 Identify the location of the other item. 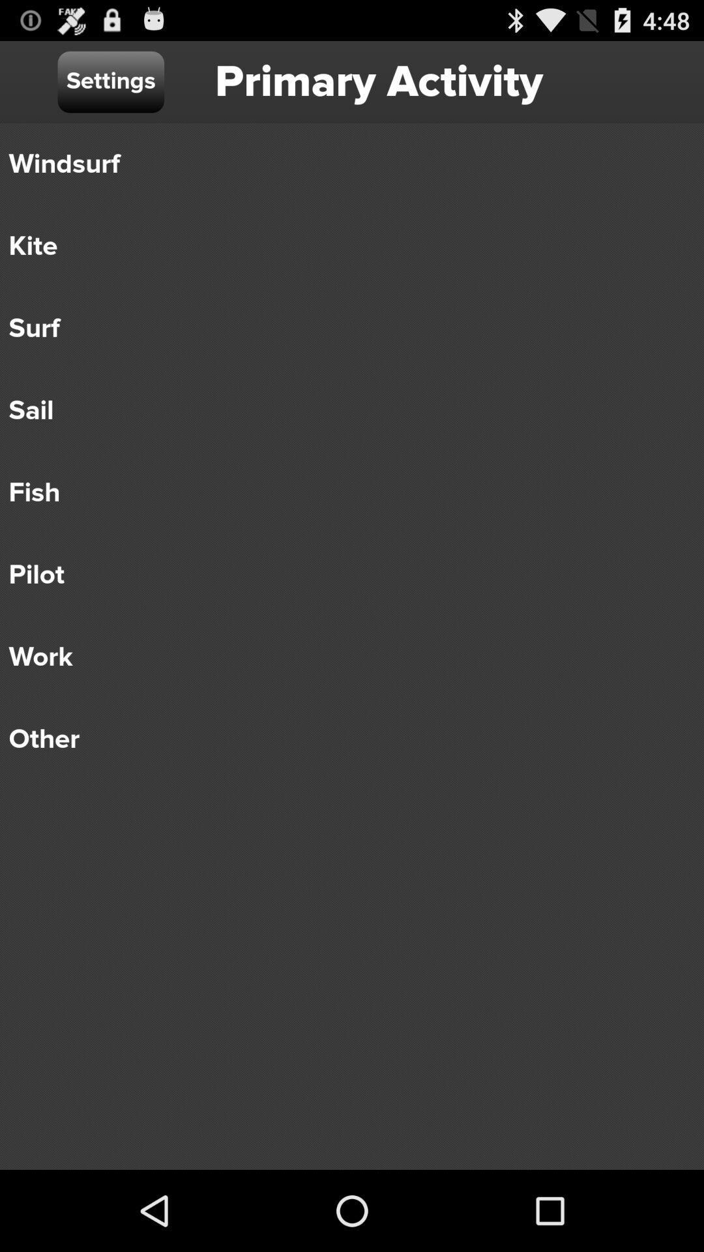
(342, 739).